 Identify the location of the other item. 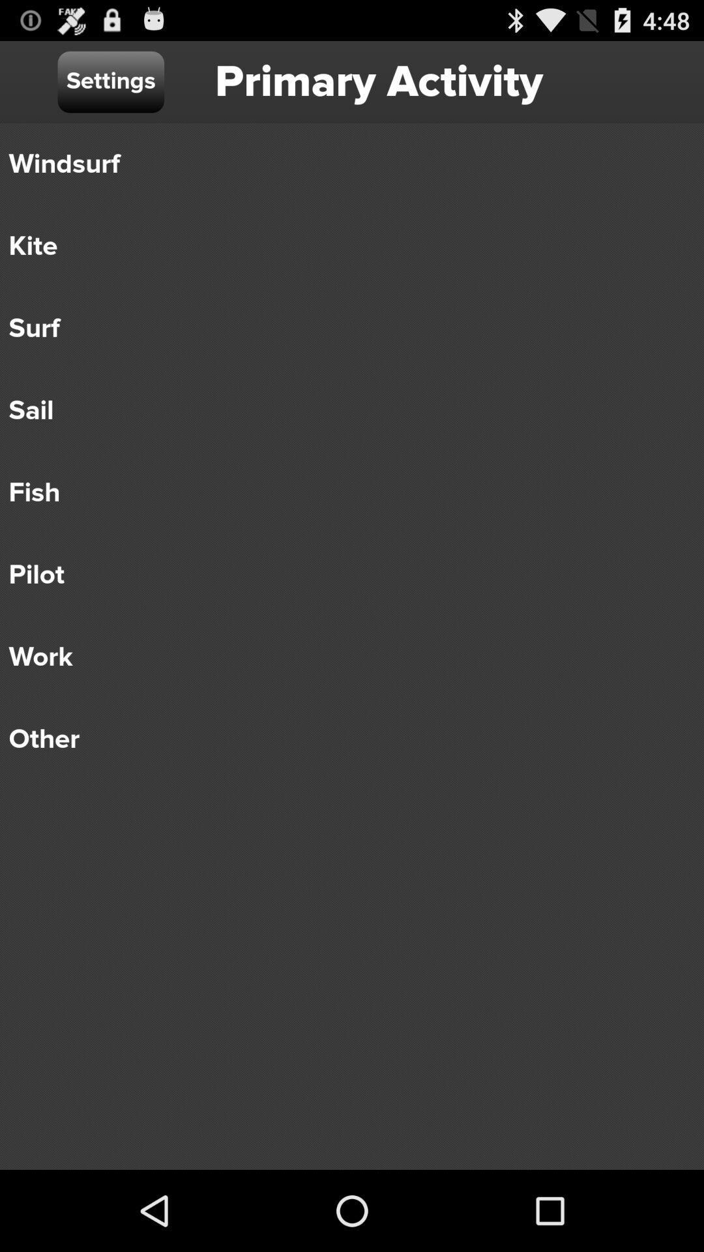
(342, 739).